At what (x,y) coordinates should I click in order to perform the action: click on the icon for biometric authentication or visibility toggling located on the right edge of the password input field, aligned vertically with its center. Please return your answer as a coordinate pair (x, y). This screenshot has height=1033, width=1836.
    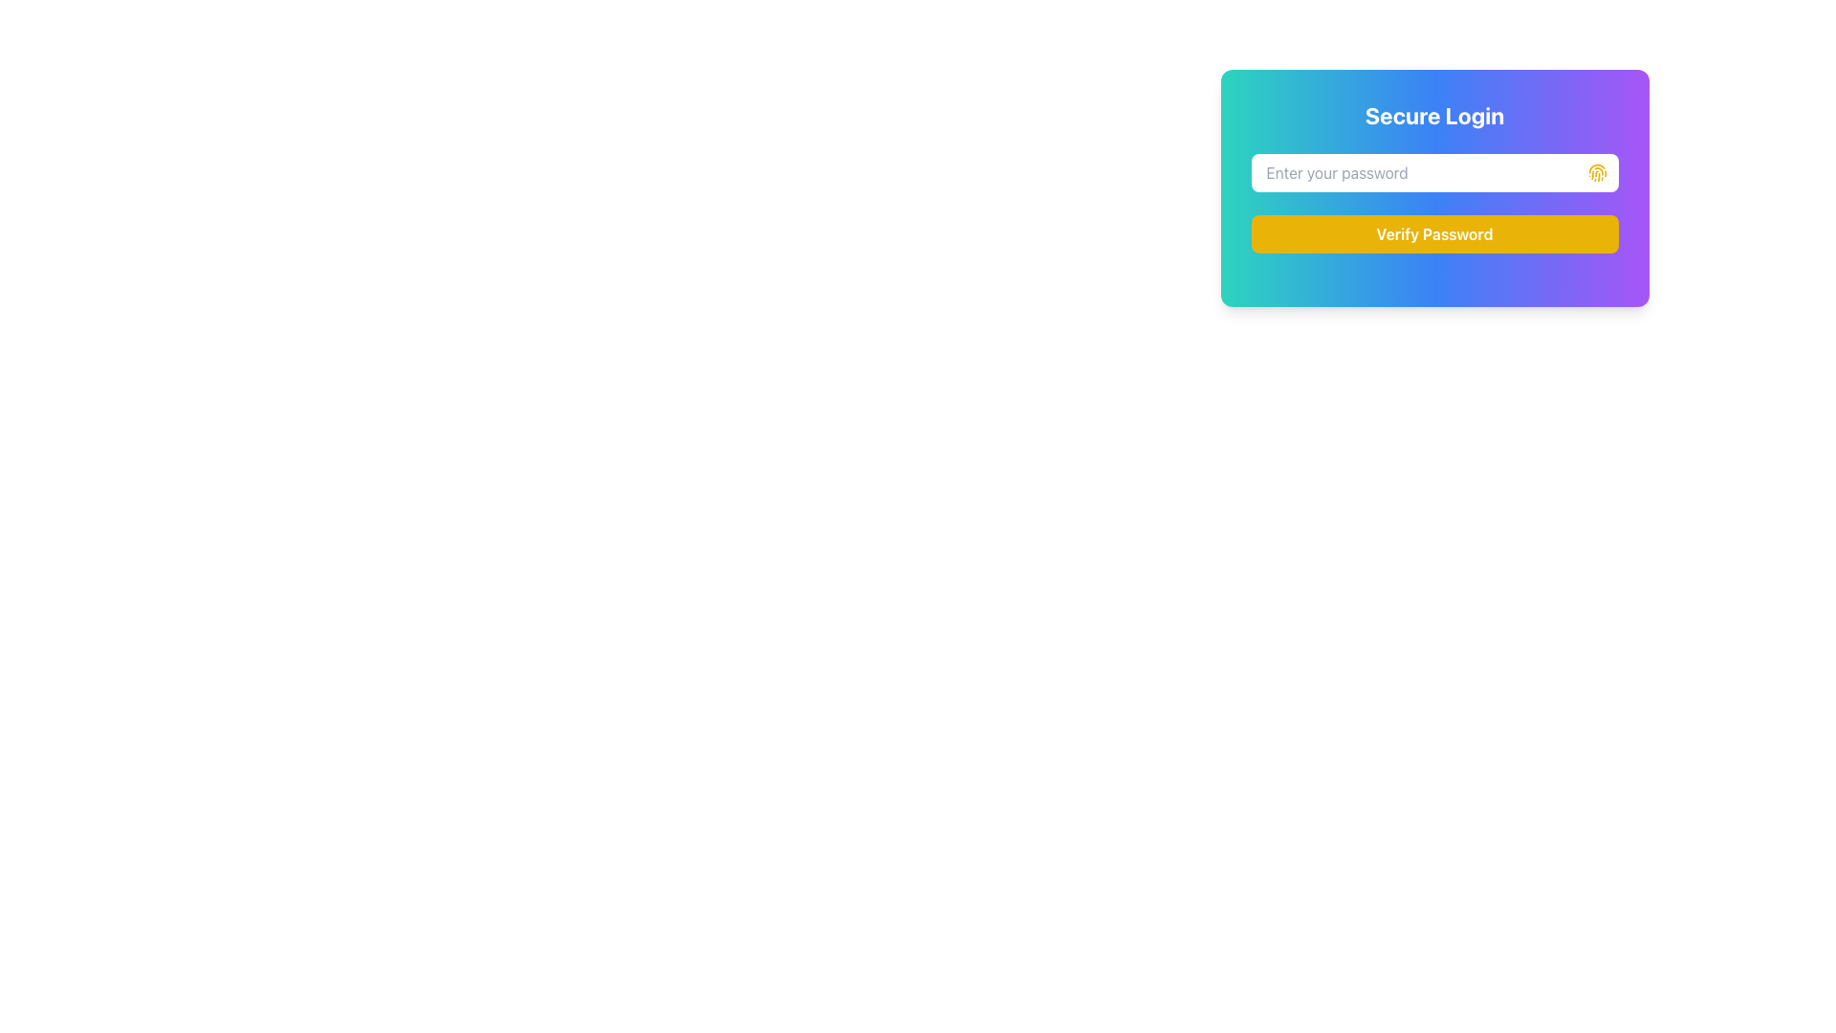
    Looking at the image, I should click on (1597, 173).